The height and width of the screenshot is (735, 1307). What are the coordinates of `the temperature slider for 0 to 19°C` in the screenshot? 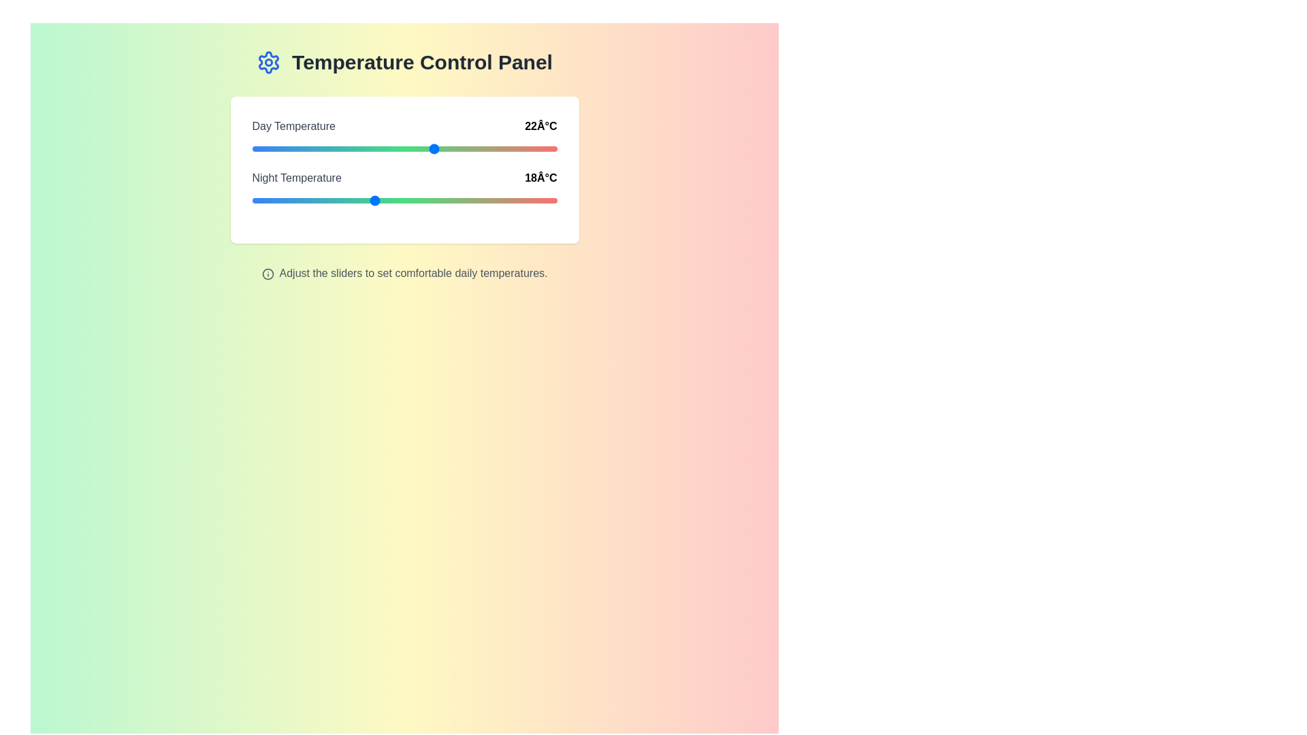 It's located at (389, 149).